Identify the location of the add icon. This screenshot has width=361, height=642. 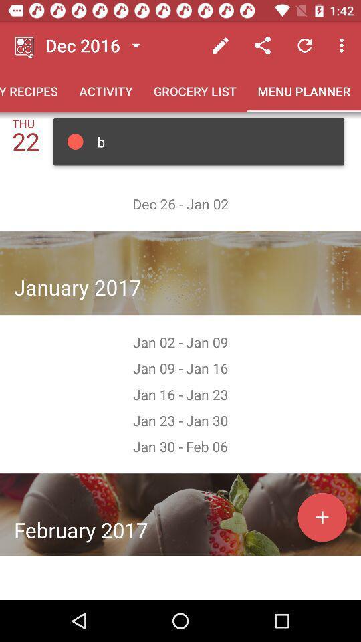
(322, 516).